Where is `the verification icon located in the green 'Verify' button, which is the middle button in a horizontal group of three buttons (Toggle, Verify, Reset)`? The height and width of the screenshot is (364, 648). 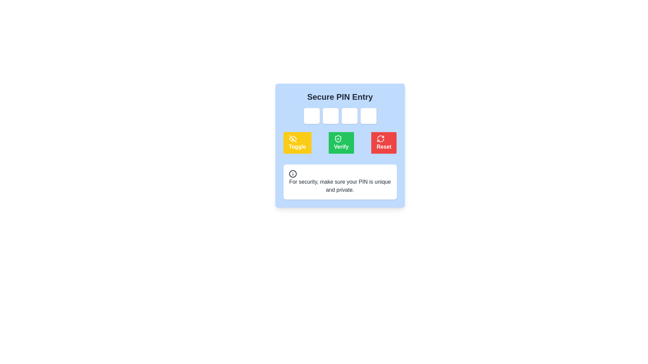
the verification icon located in the green 'Verify' button, which is the middle button in a horizontal group of three buttons (Toggle, Verify, Reset) is located at coordinates (338, 139).